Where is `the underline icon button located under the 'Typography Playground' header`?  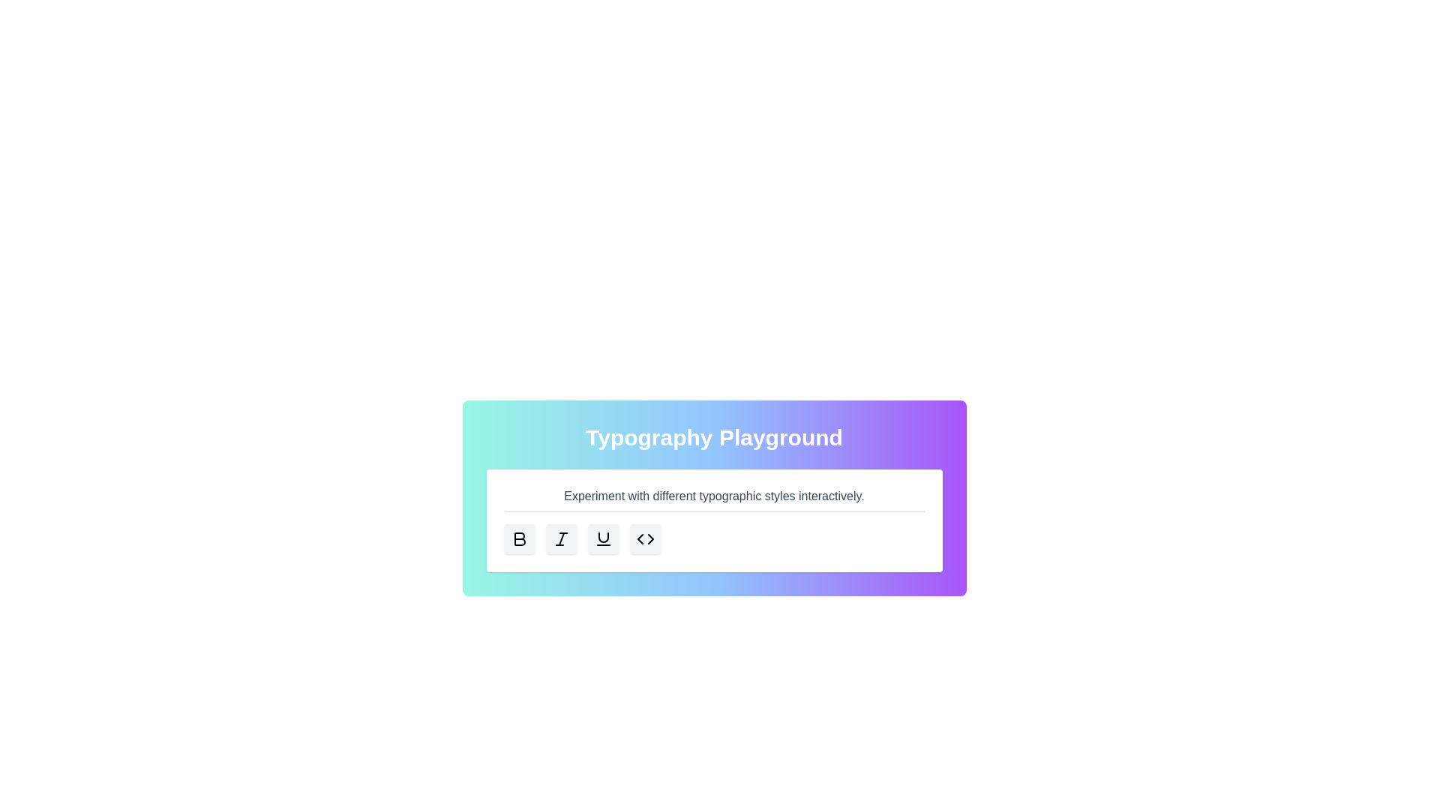 the underline icon button located under the 'Typography Playground' header is located at coordinates (603, 538).